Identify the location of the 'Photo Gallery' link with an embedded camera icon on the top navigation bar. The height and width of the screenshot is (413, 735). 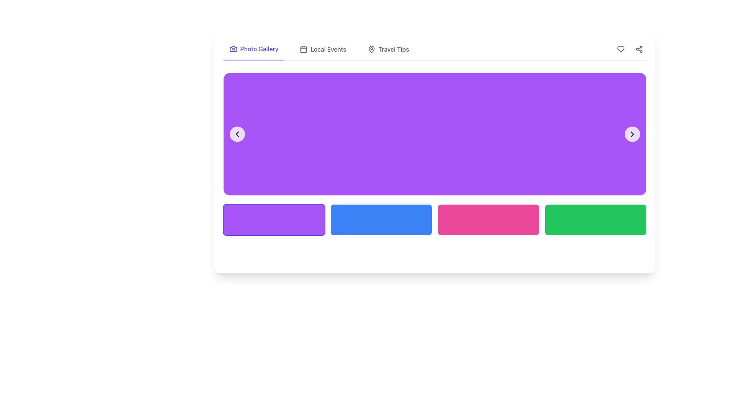
(253, 49).